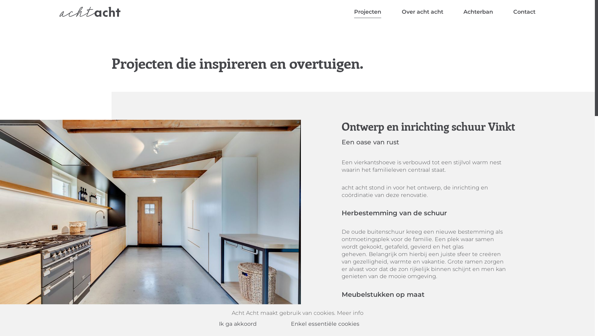  What do you see at coordinates (478, 12) in the screenshot?
I see `'Achterban'` at bounding box center [478, 12].